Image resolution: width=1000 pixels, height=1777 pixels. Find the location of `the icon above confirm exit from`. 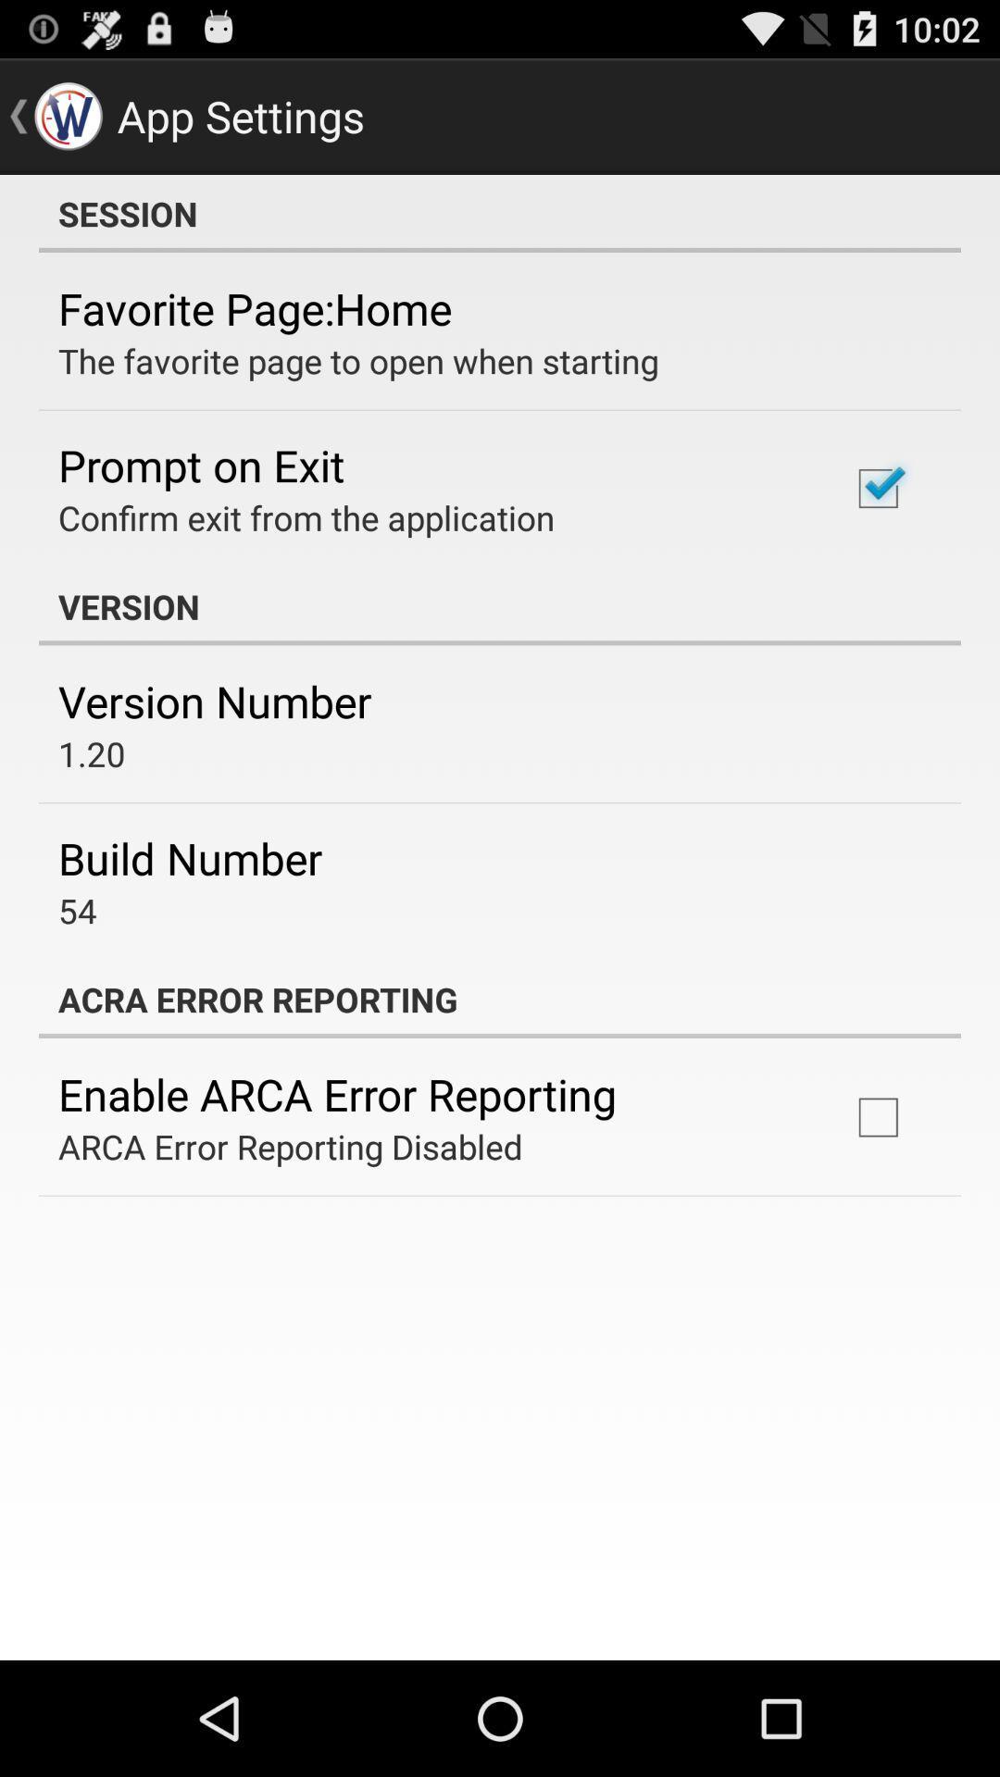

the icon above confirm exit from is located at coordinates (201, 465).